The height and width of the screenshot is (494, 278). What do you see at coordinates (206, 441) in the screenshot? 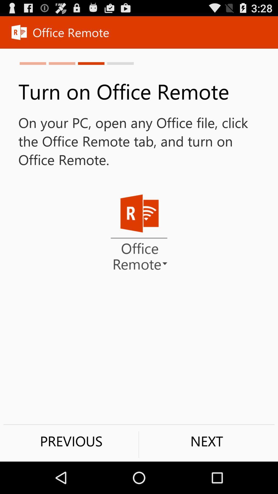
I see `the next` at bounding box center [206, 441].